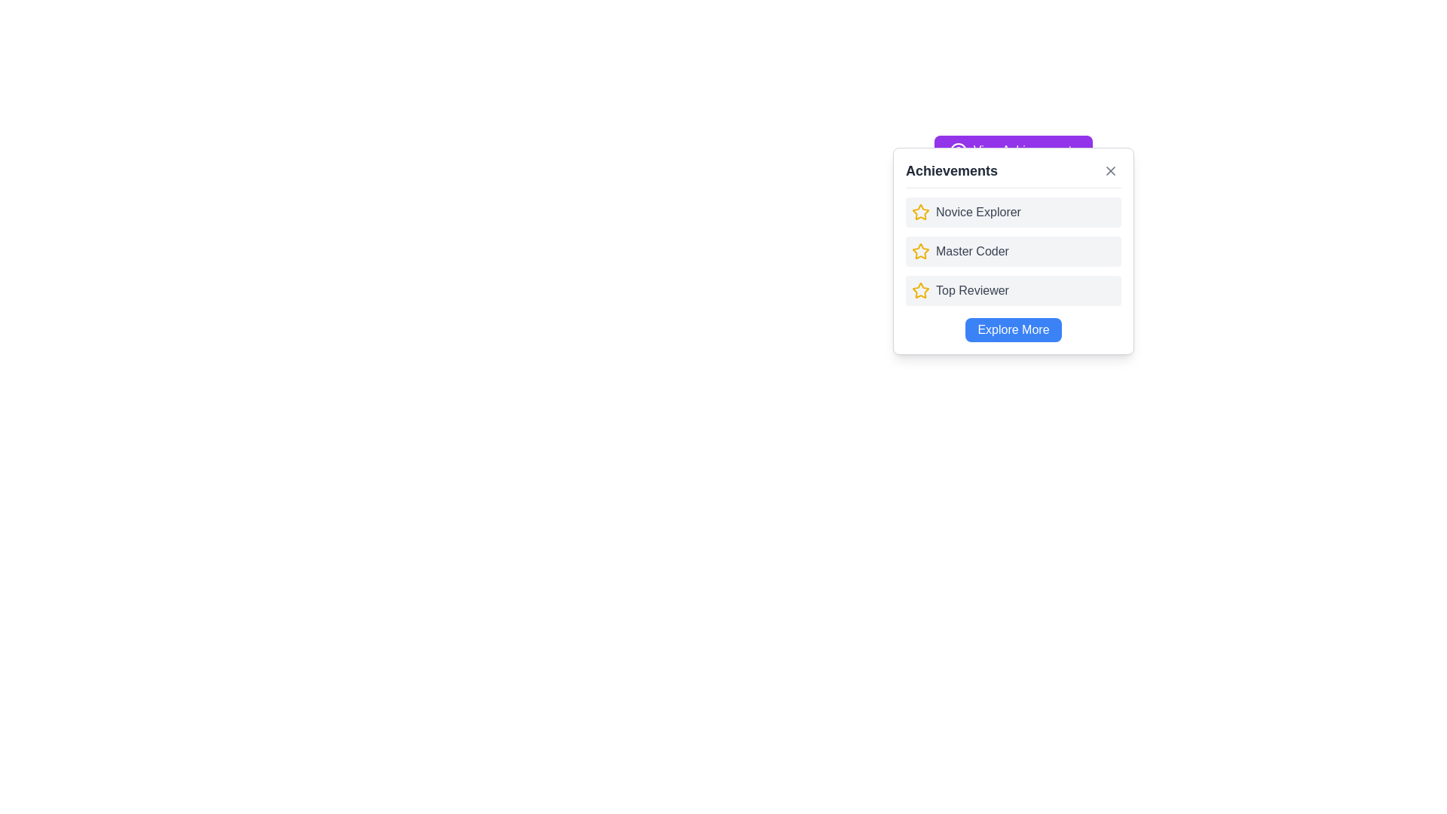 The image size is (1447, 814). What do you see at coordinates (1013, 329) in the screenshot?
I see `the call-to-action button located at the bottom-center of the 'Achievements' pop-up` at bounding box center [1013, 329].